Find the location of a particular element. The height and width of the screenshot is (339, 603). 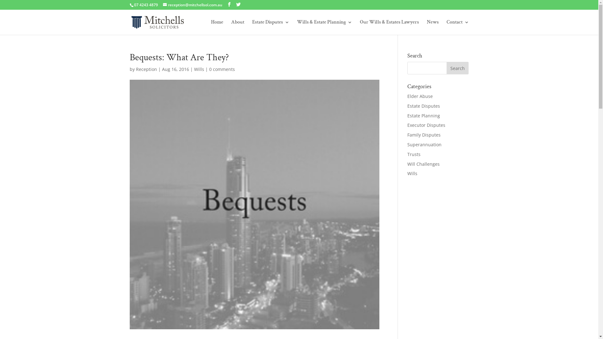

'Elder Abuse' is located at coordinates (420, 96).